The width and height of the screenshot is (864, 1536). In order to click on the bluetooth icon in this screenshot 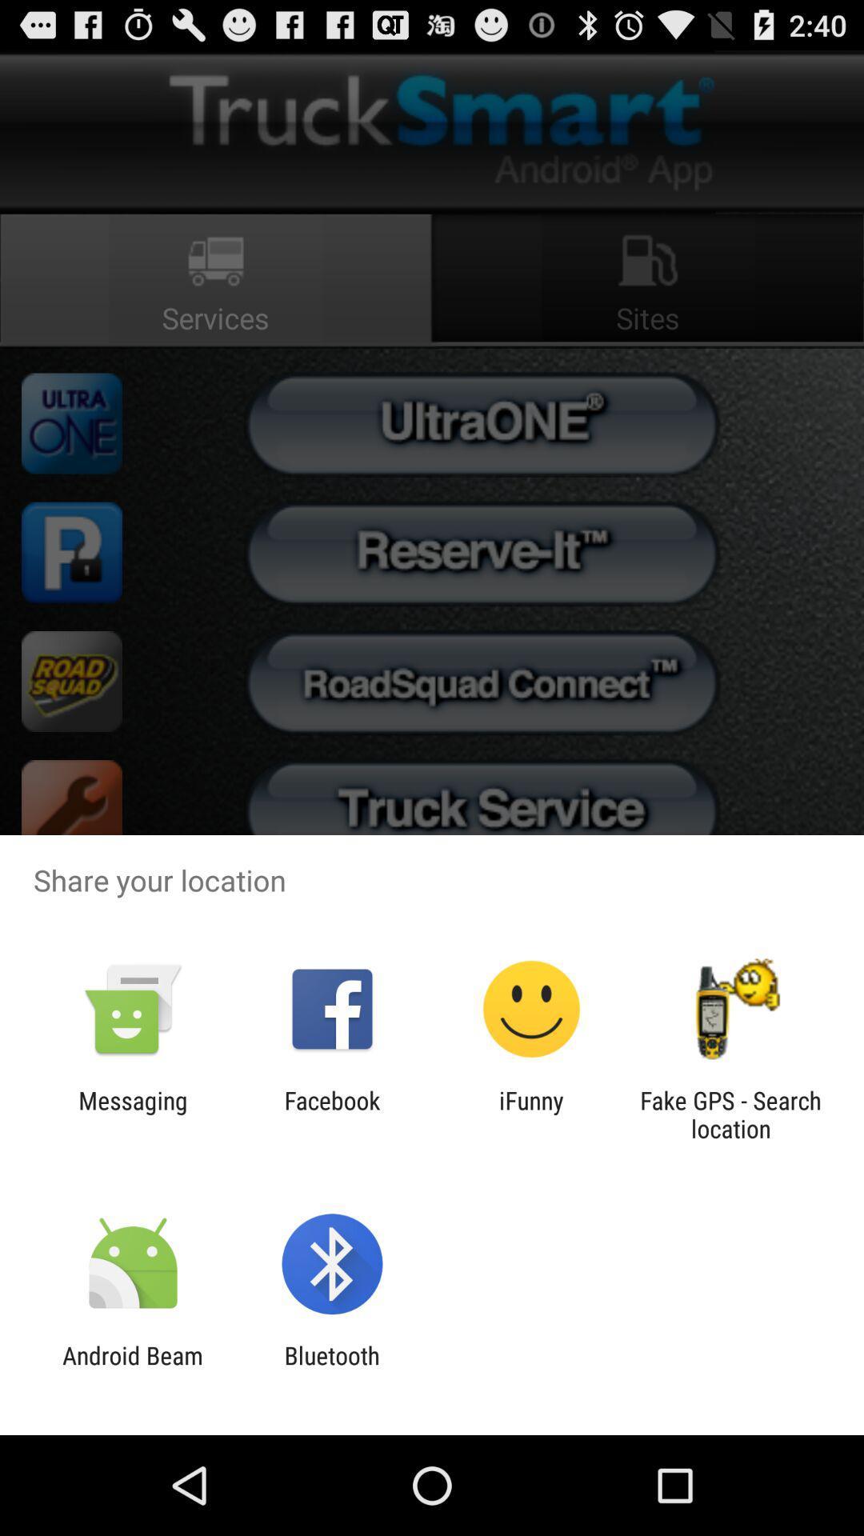, I will do `click(331, 1369)`.